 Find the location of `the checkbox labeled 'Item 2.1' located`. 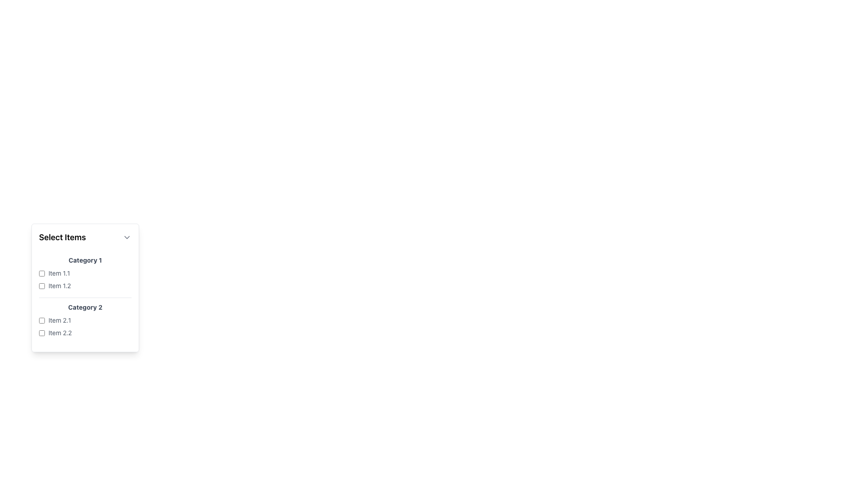

the checkbox labeled 'Item 2.1' located is located at coordinates (41, 320).